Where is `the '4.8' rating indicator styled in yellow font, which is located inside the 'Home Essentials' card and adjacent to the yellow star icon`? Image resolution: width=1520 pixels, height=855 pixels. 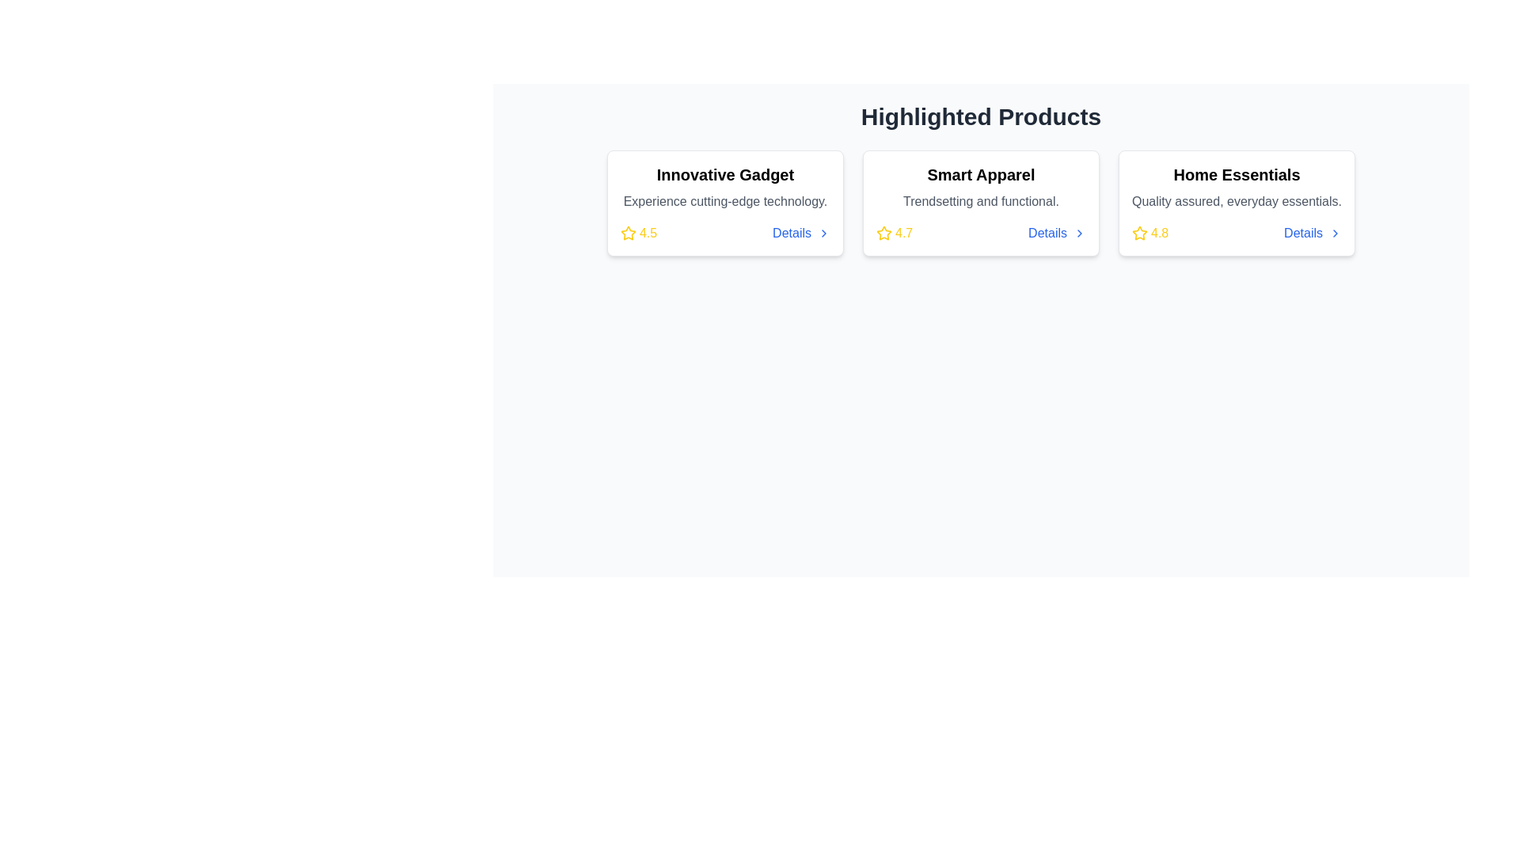 the '4.8' rating indicator styled in yellow font, which is located inside the 'Home Essentials' card and adjacent to the yellow star icon is located at coordinates (1150, 233).